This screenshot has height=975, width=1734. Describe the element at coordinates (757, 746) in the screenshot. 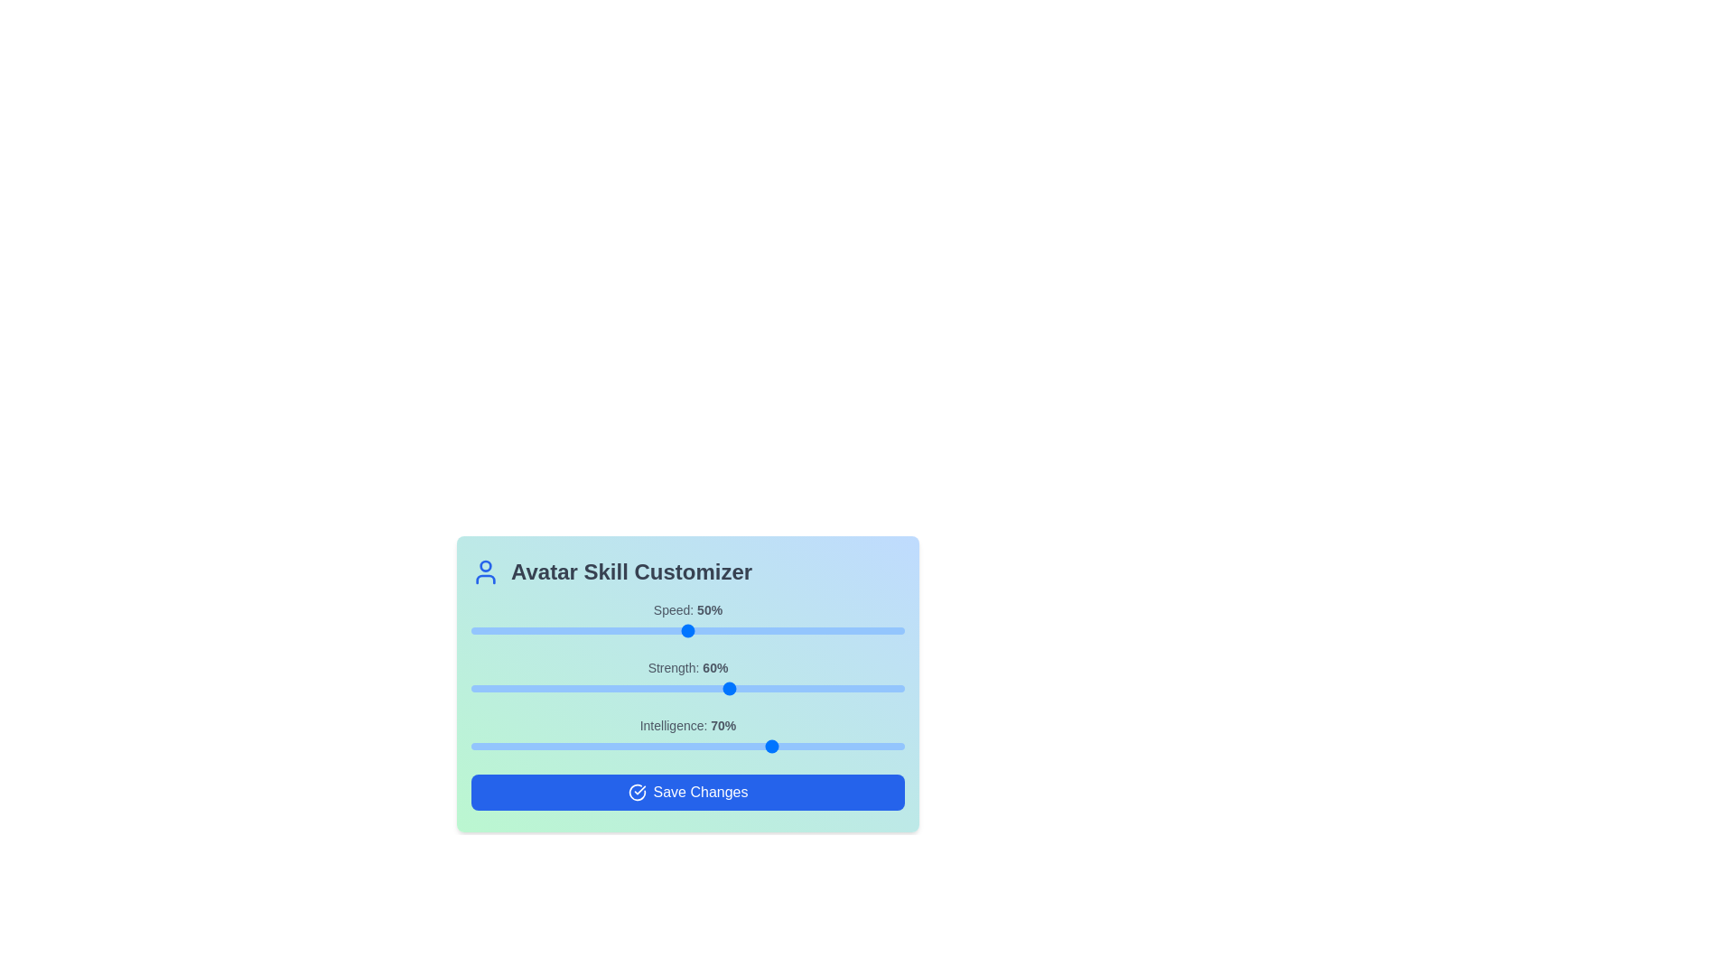

I see `intelligence level` at that location.